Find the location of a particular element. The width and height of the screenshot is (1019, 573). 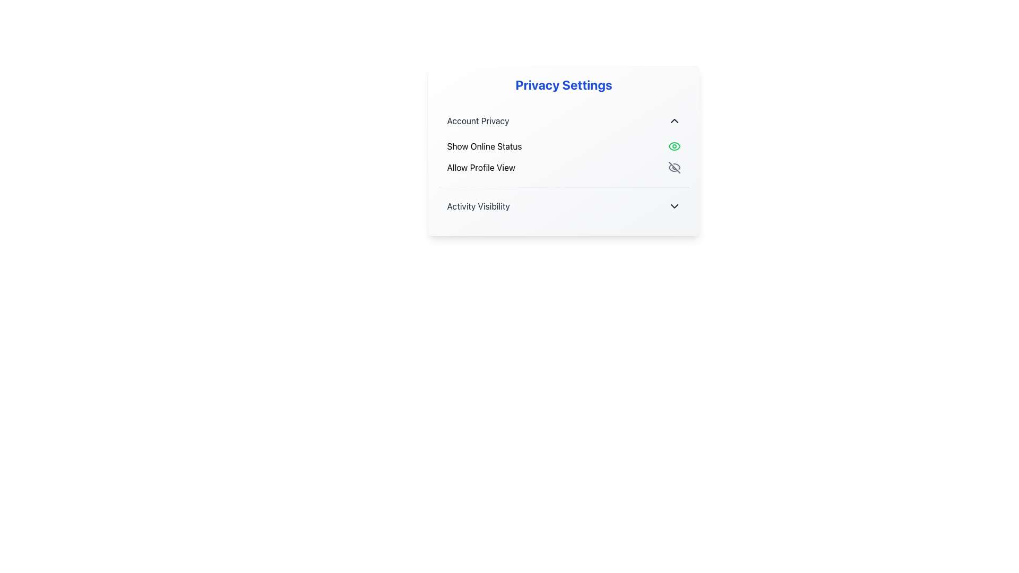

the fourth item in the vertical menu under 'Privacy Settings' is located at coordinates (563, 206).